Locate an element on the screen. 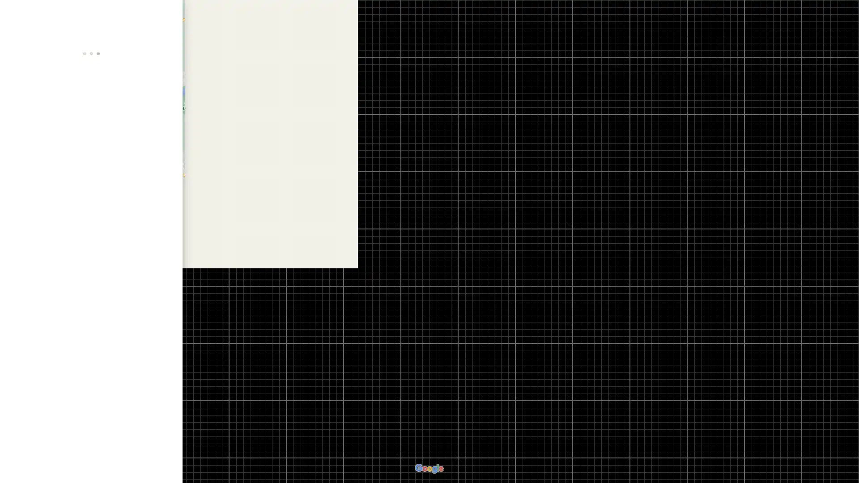  Software company is located at coordinates (36, 143).